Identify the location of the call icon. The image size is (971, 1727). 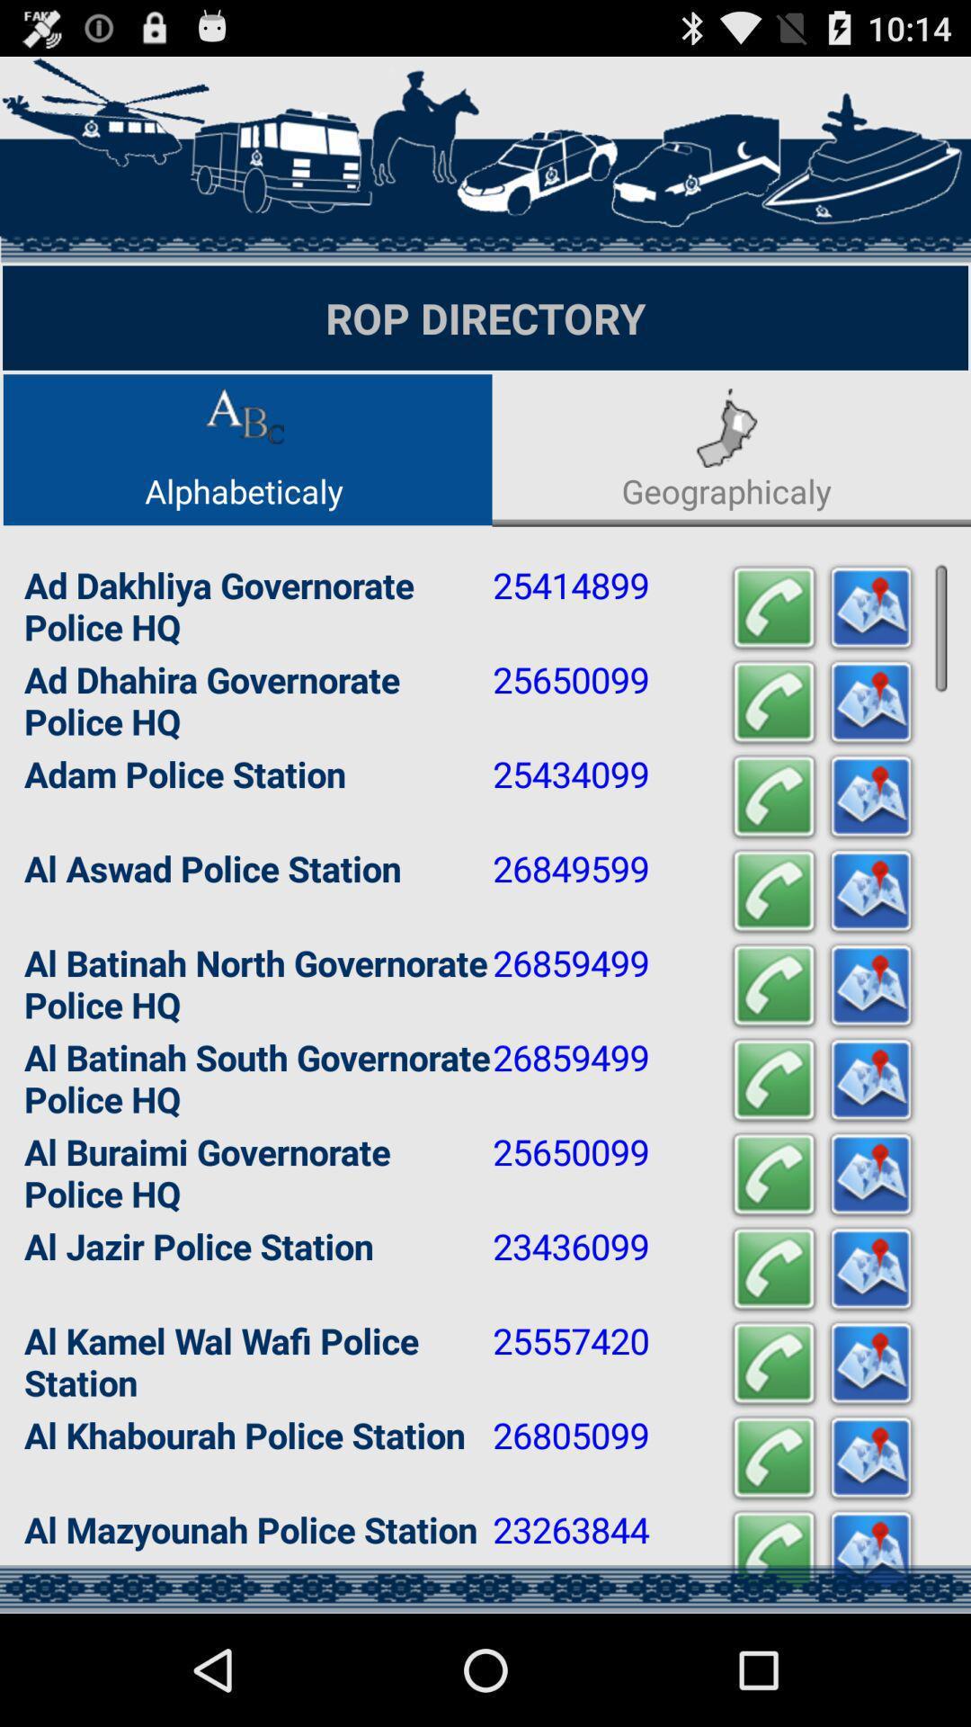
(772, 1055).